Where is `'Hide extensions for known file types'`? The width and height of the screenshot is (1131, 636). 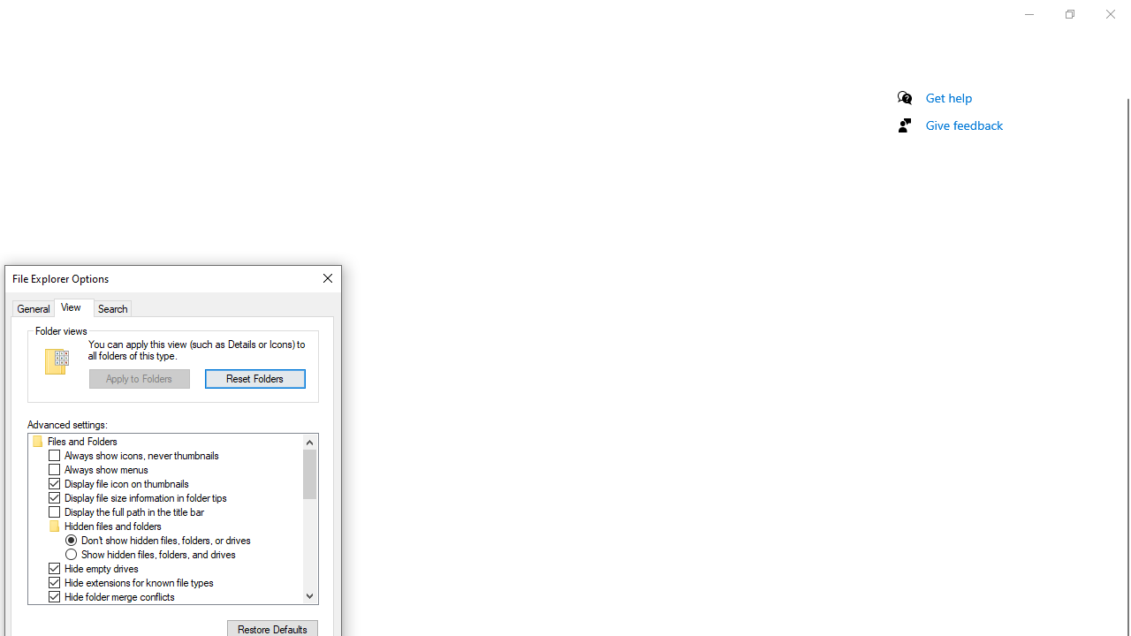
'Hide extensions for known file types' is located at coordinates (138, 583).